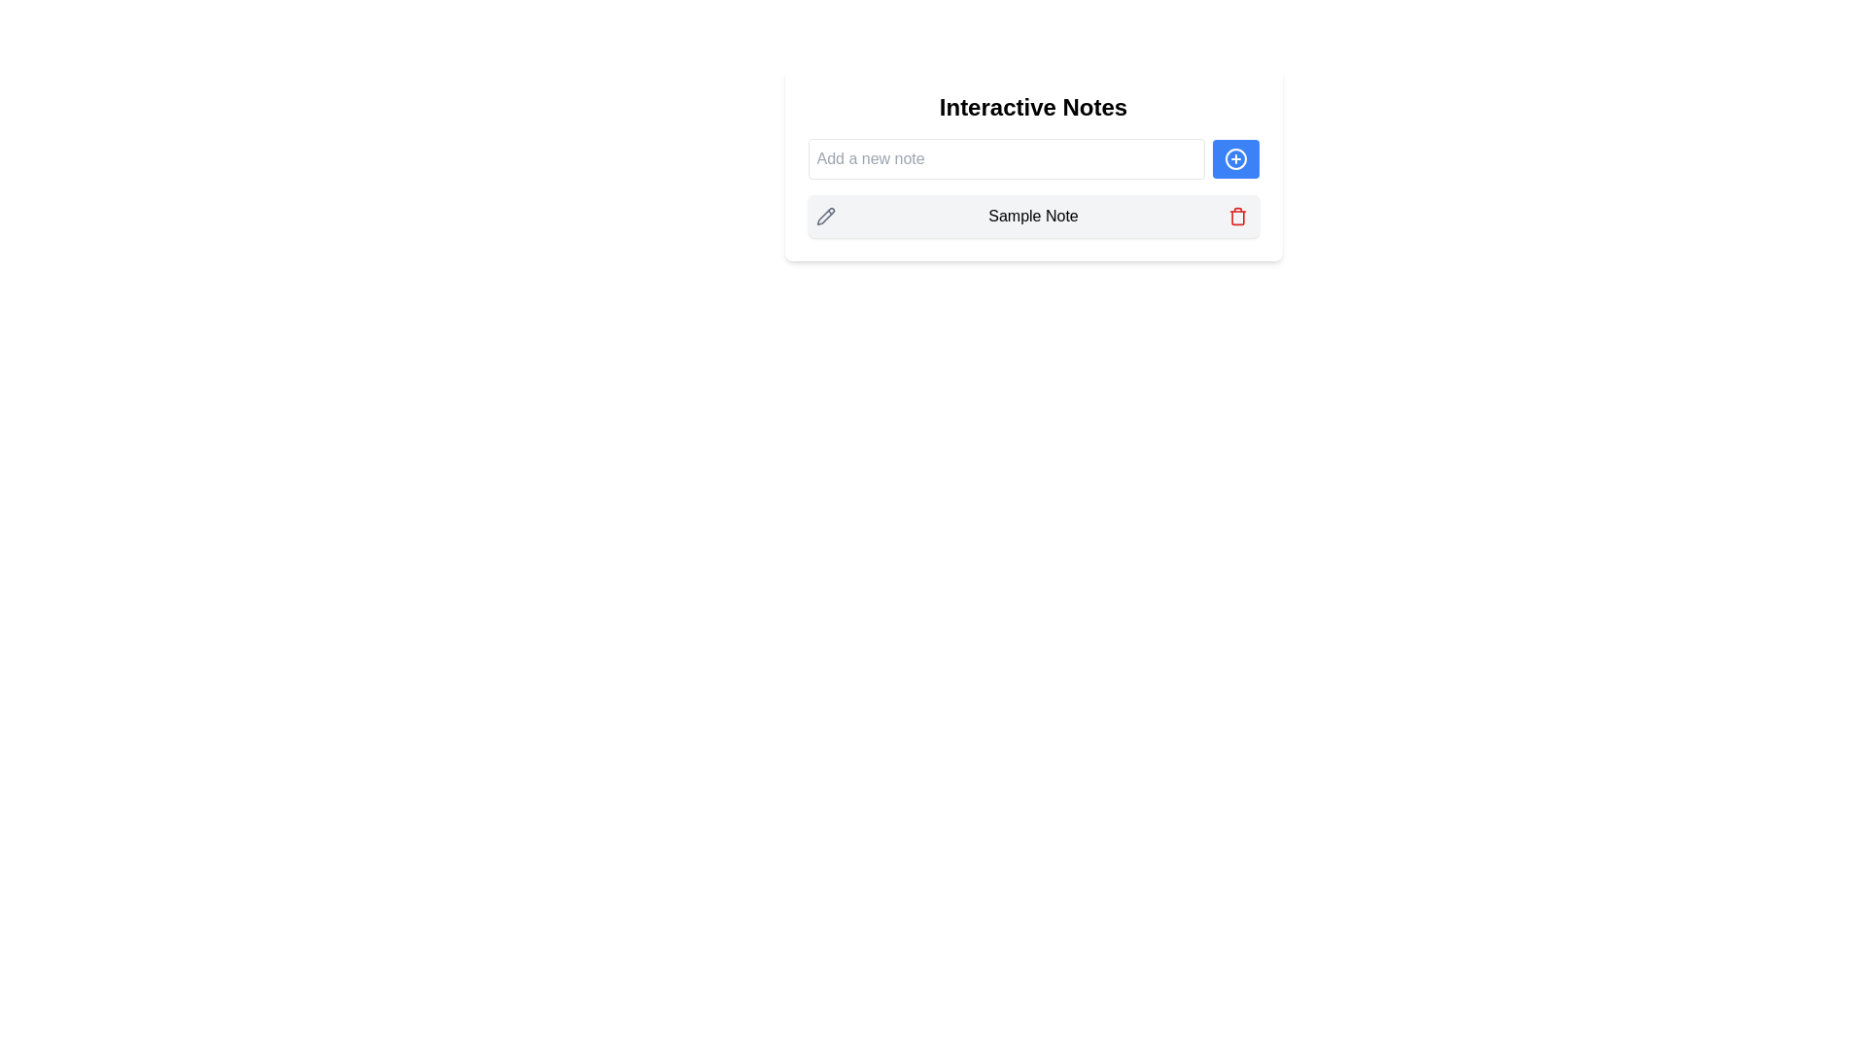  What do you see at coordinates (1236, 217) in the screenshot?
I see `the Trash Can icon located at the far right of the note item row` at bounding box center [1236, 217].